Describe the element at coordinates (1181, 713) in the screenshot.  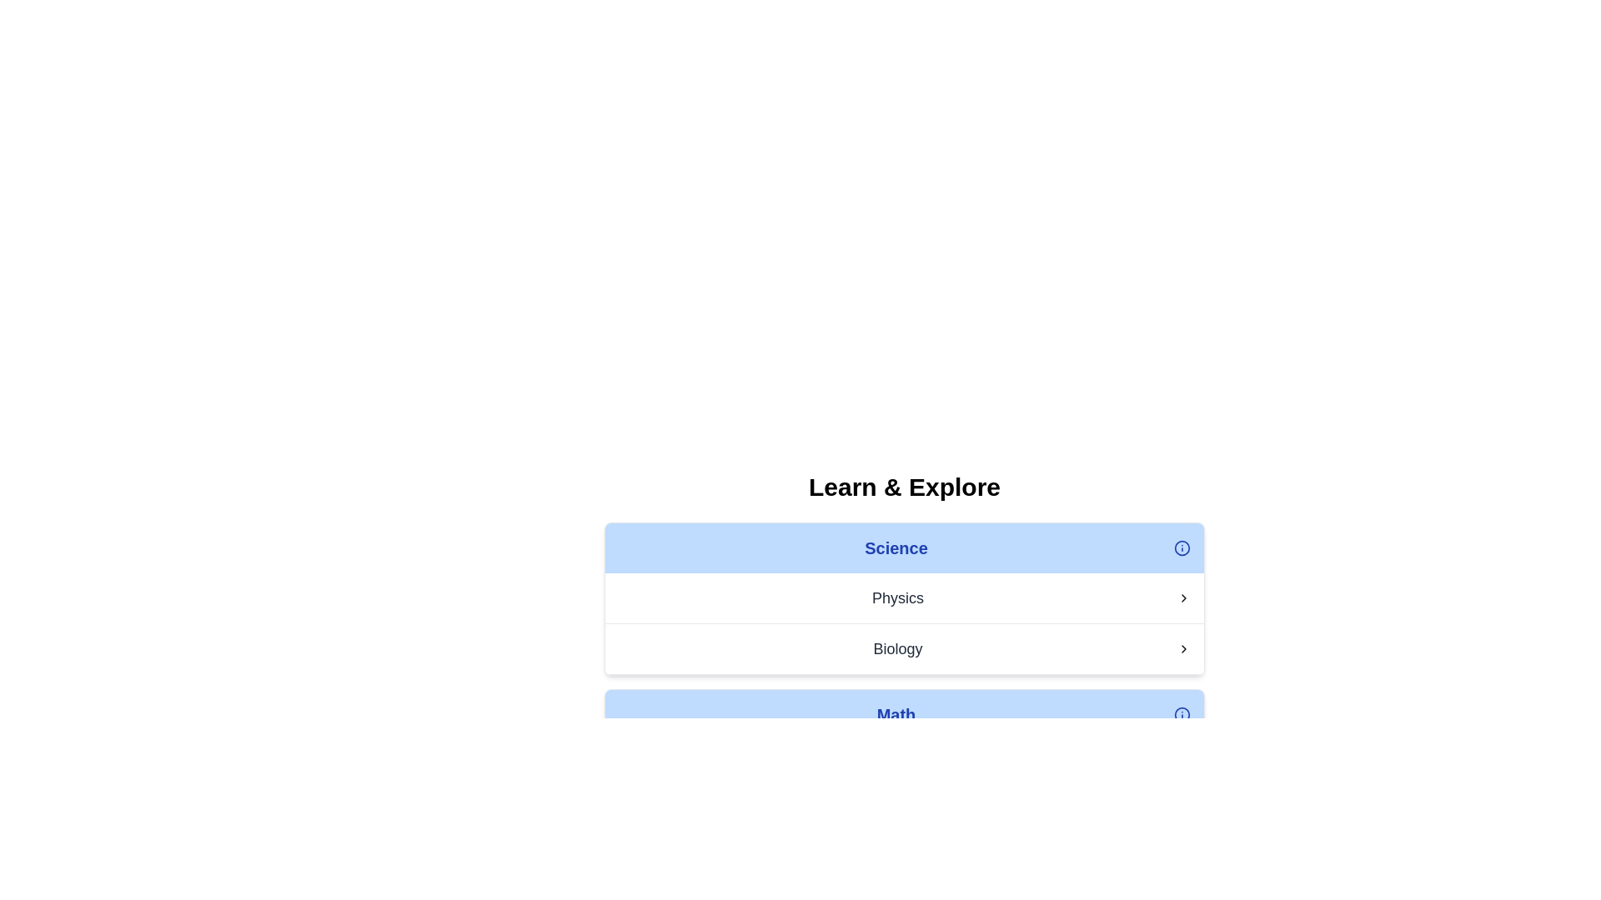
I see `SVG circle element with a blue outline that is part of the informational icon located in the top-right corner of the 'Science' header area` at that location.